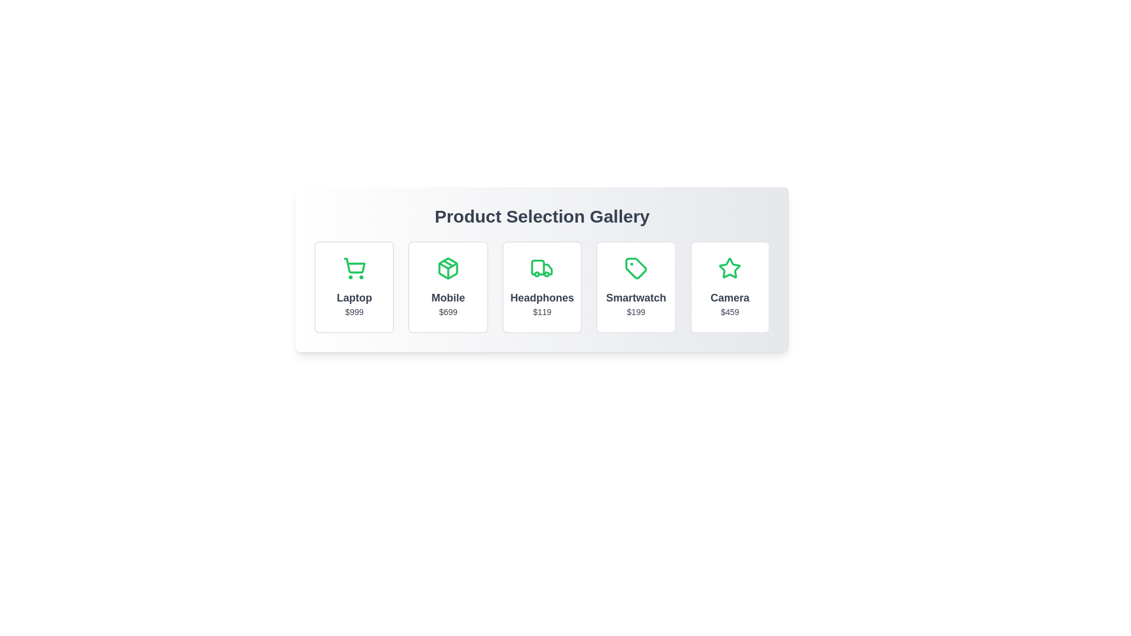  Describe the element at coordinates (448, 297) in the screenshot. I see `the bold text label 'Mobile' located in the second product card under 'Product Selection Gallery', which is positioned above the price label '$699'` at that location.